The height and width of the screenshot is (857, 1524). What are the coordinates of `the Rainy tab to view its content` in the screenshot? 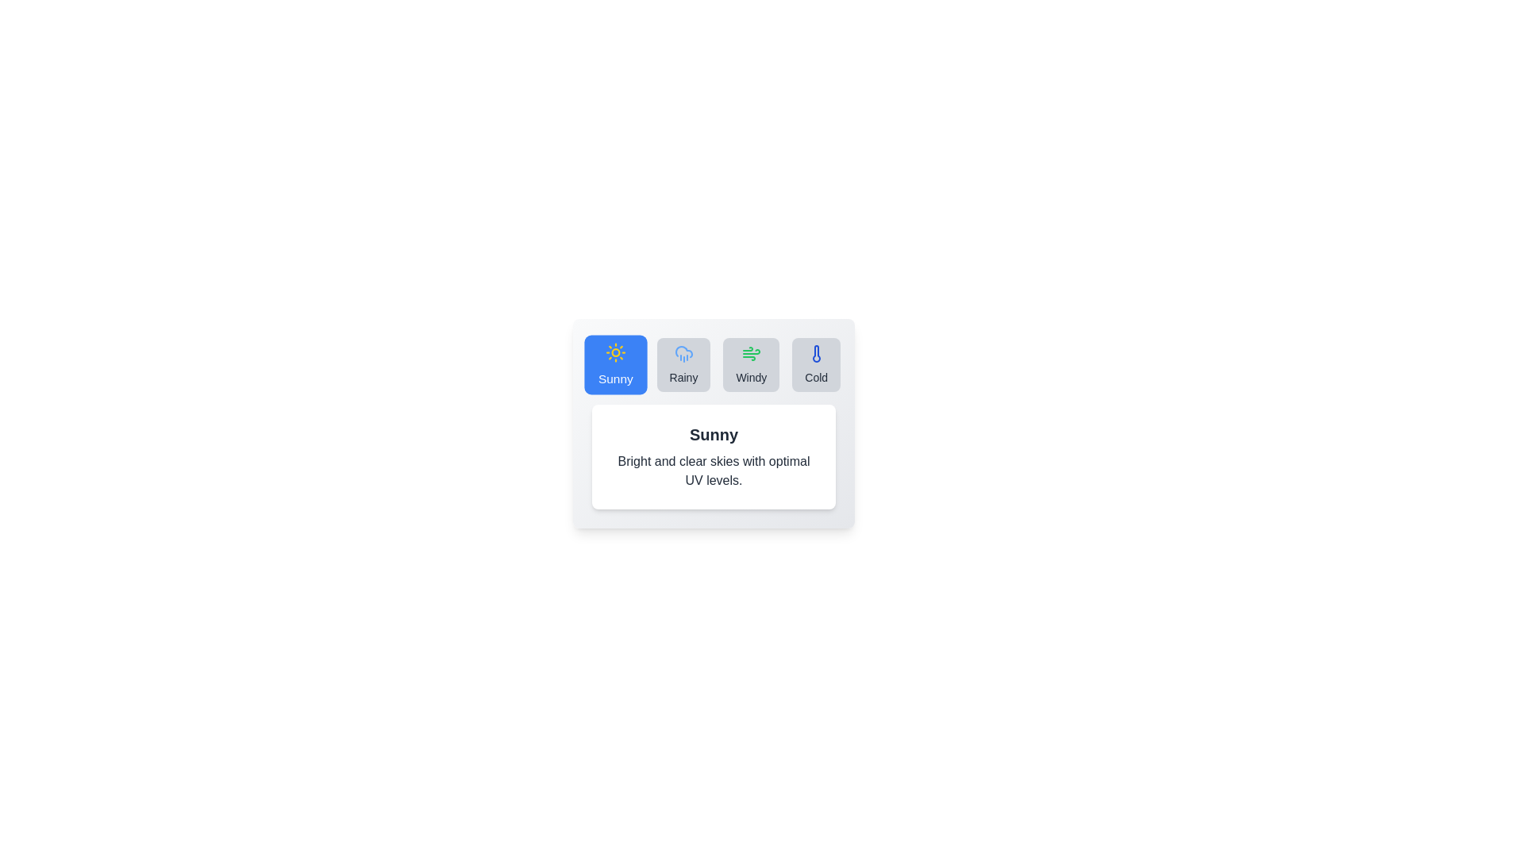 It's located at (683, 364).